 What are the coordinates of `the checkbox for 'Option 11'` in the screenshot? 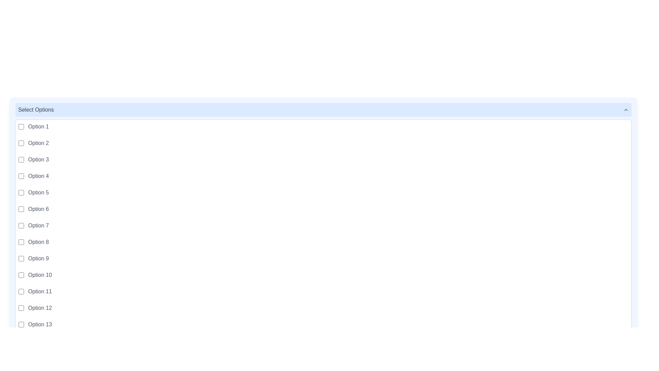 It's located at (21, 291).